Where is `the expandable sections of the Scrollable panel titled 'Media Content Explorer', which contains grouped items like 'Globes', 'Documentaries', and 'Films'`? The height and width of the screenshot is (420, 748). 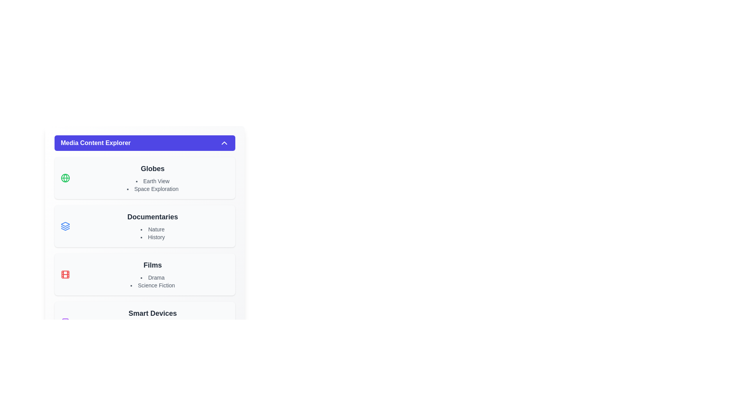 the expandable sections of the Scrollable panel titled 'Media Content Explorer', which contains grouped items like 'Globes', 'Documentaries', and 'Films' is located at coordinates (145, 218).